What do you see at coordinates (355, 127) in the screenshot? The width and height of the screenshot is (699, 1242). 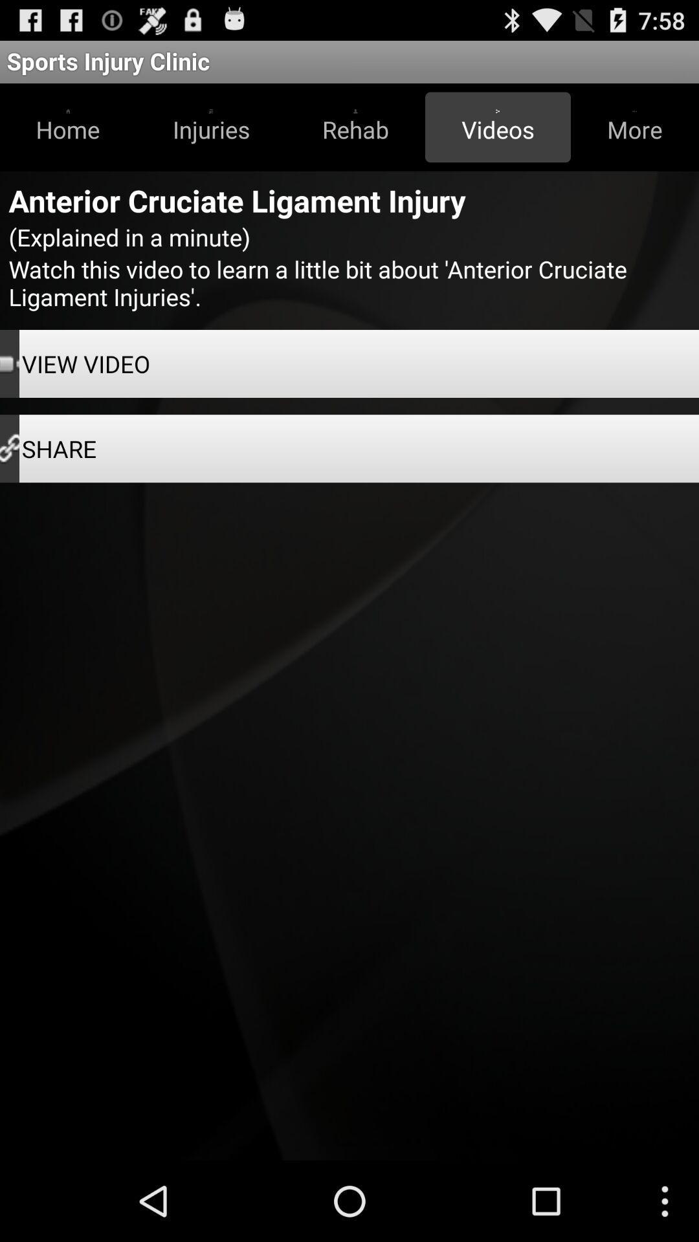 I see `rehab icon` at bounding box center [355, 127].